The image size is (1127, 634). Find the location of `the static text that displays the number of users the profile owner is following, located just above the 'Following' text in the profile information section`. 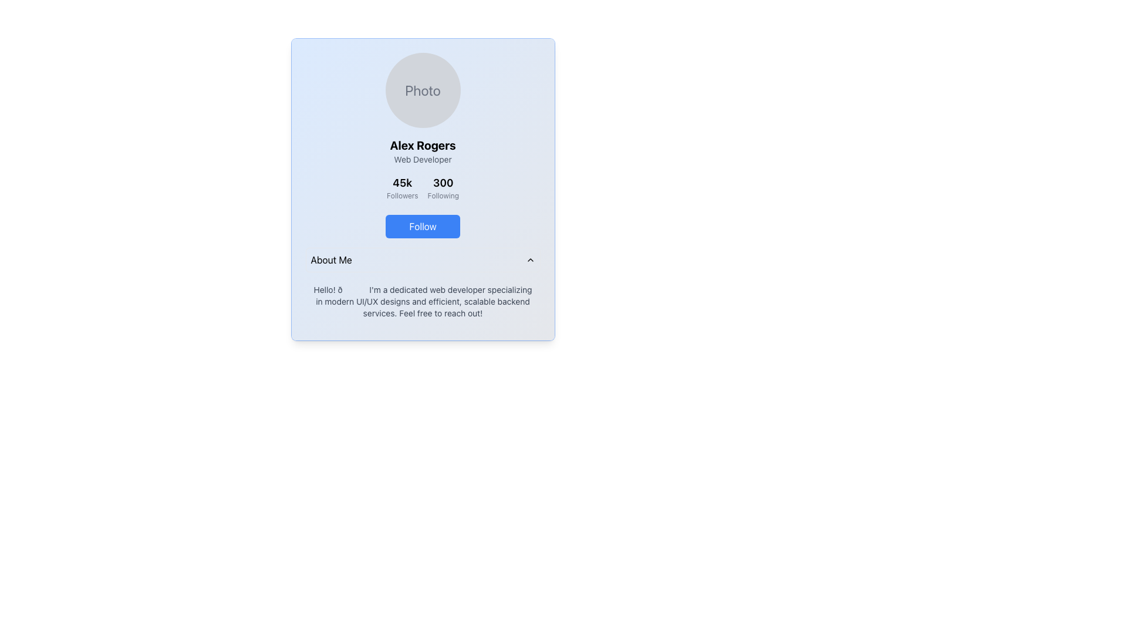

the static text that displays the number of users the profile owner is following, located just above the 'Following' text in the profile information section is located at coordinates (443, 183).